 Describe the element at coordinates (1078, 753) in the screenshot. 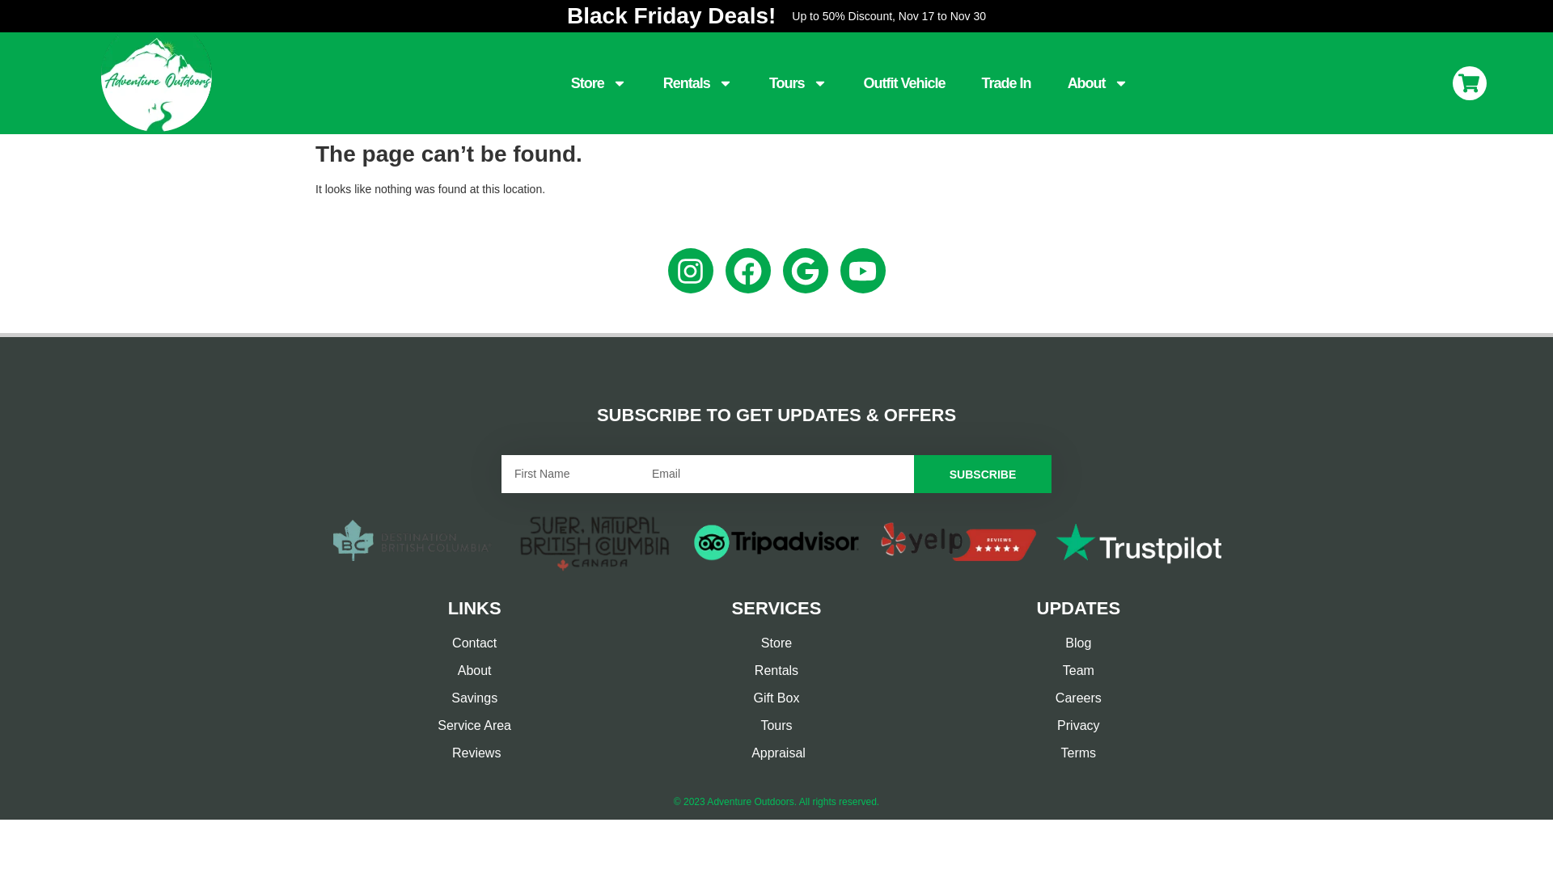

I see `'Terms'` at that location.